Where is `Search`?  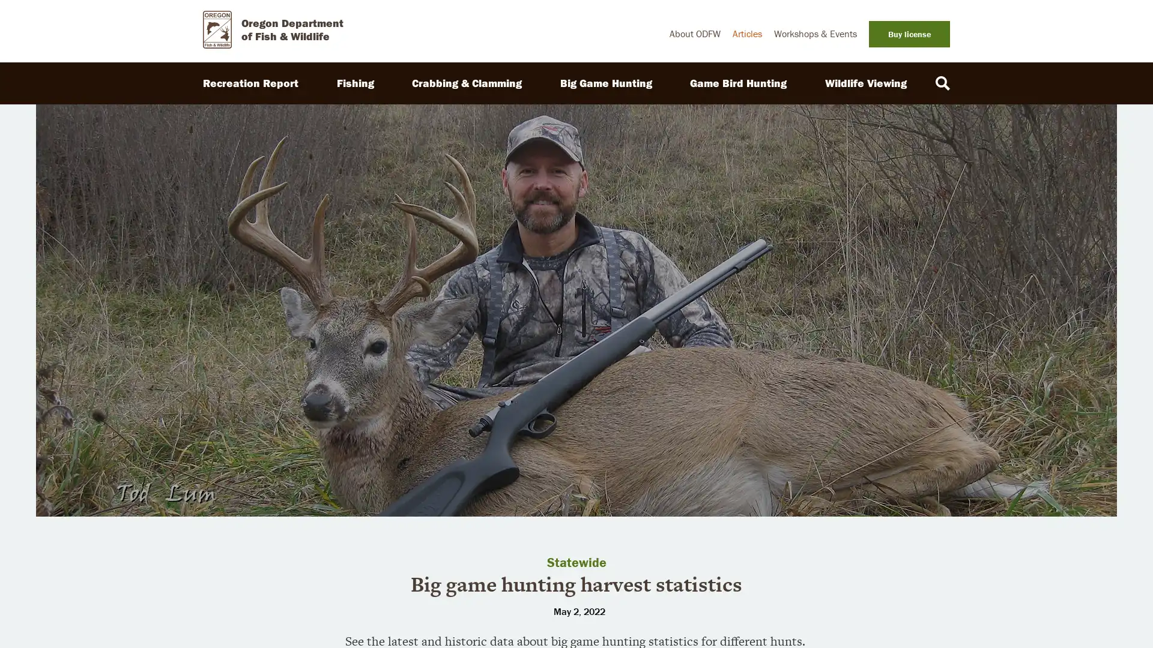 Search is located at coordinates (942, 82).